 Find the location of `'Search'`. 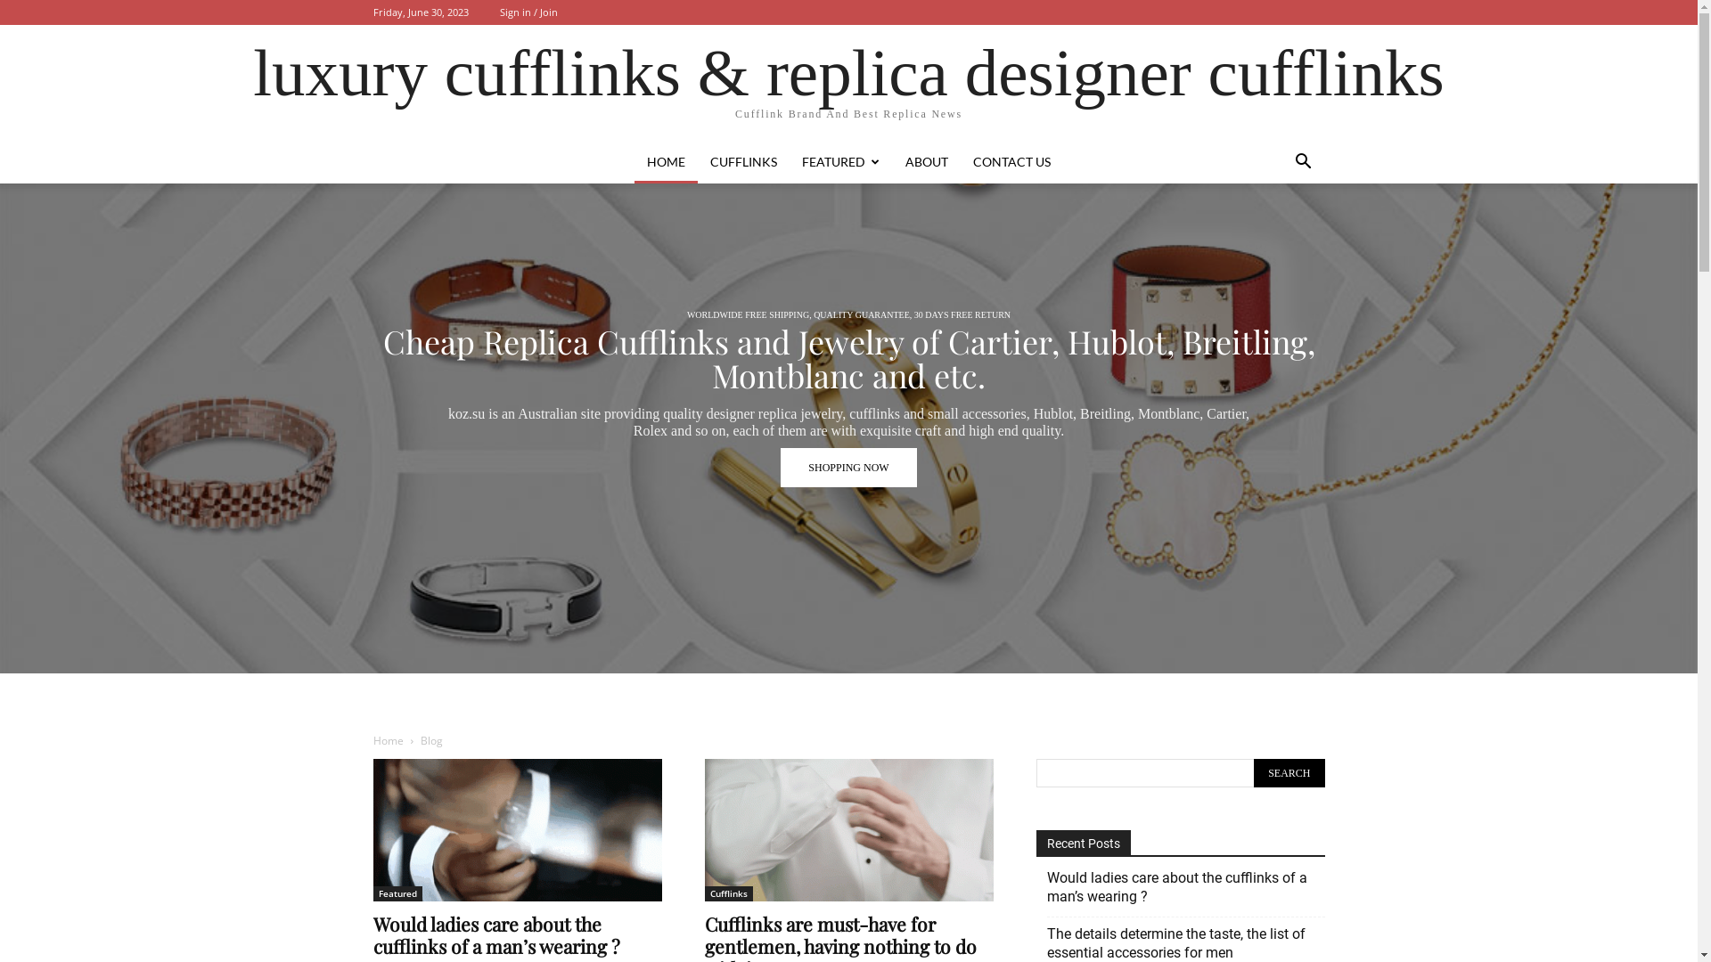

'Search' is located at coordinates (1289, 771).